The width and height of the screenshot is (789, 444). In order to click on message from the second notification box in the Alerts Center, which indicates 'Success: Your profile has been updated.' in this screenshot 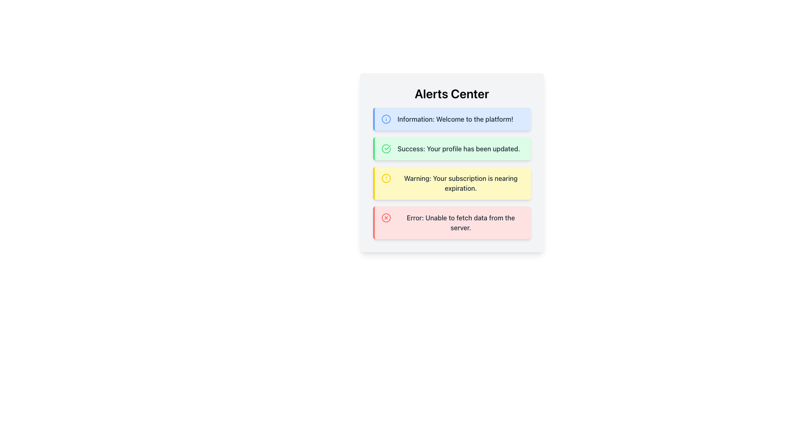, I will do `click(451, 149)`.